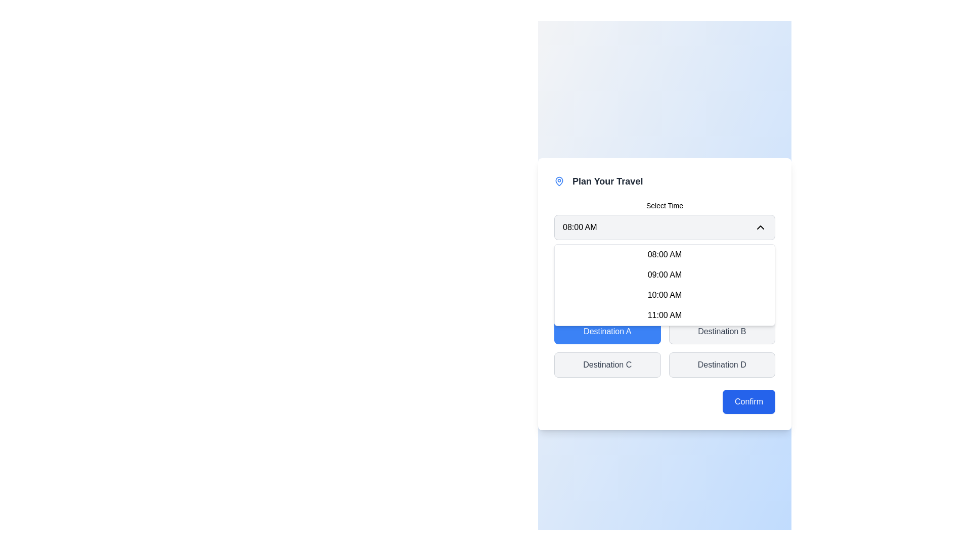 This screenshot has height=546, width=971. I want to click on the '10:00 AM' text item in the dropdown list, so click(665, 295).